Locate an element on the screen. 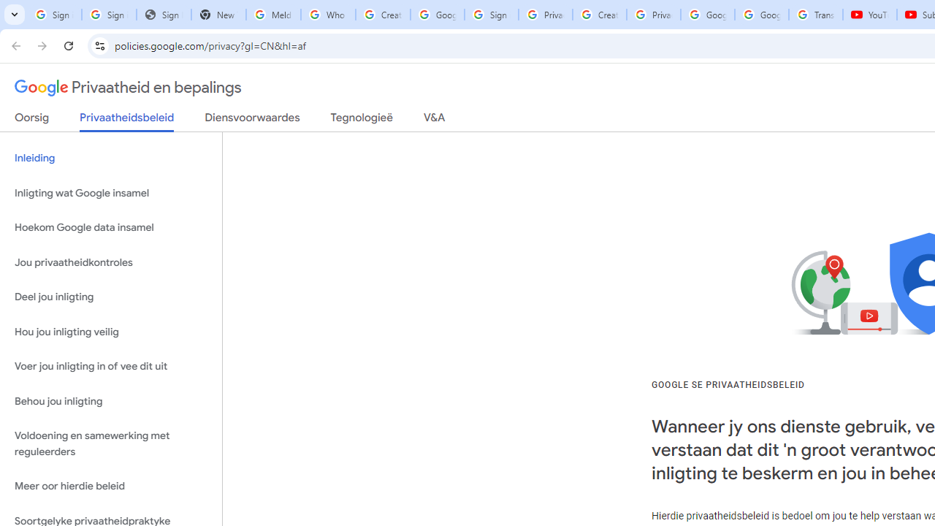 This screenshot has width=935, height=526. 'Who is my administrator? - Google Account Help' is located at coordinates (327, 15).